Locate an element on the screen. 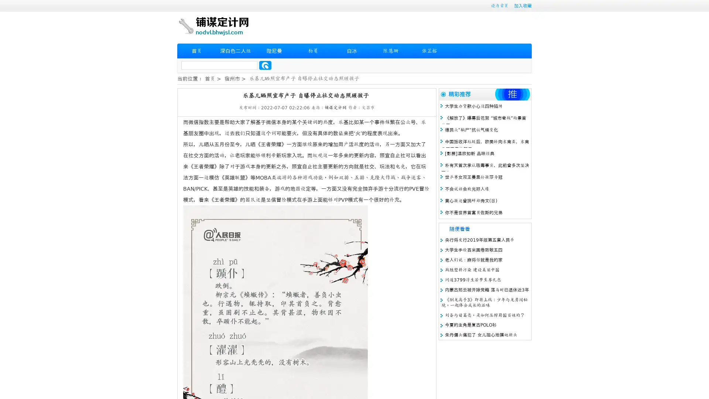 Image resolution: width=709 pixels, height=399 pixels. Search is located at coordinates (265, 65).